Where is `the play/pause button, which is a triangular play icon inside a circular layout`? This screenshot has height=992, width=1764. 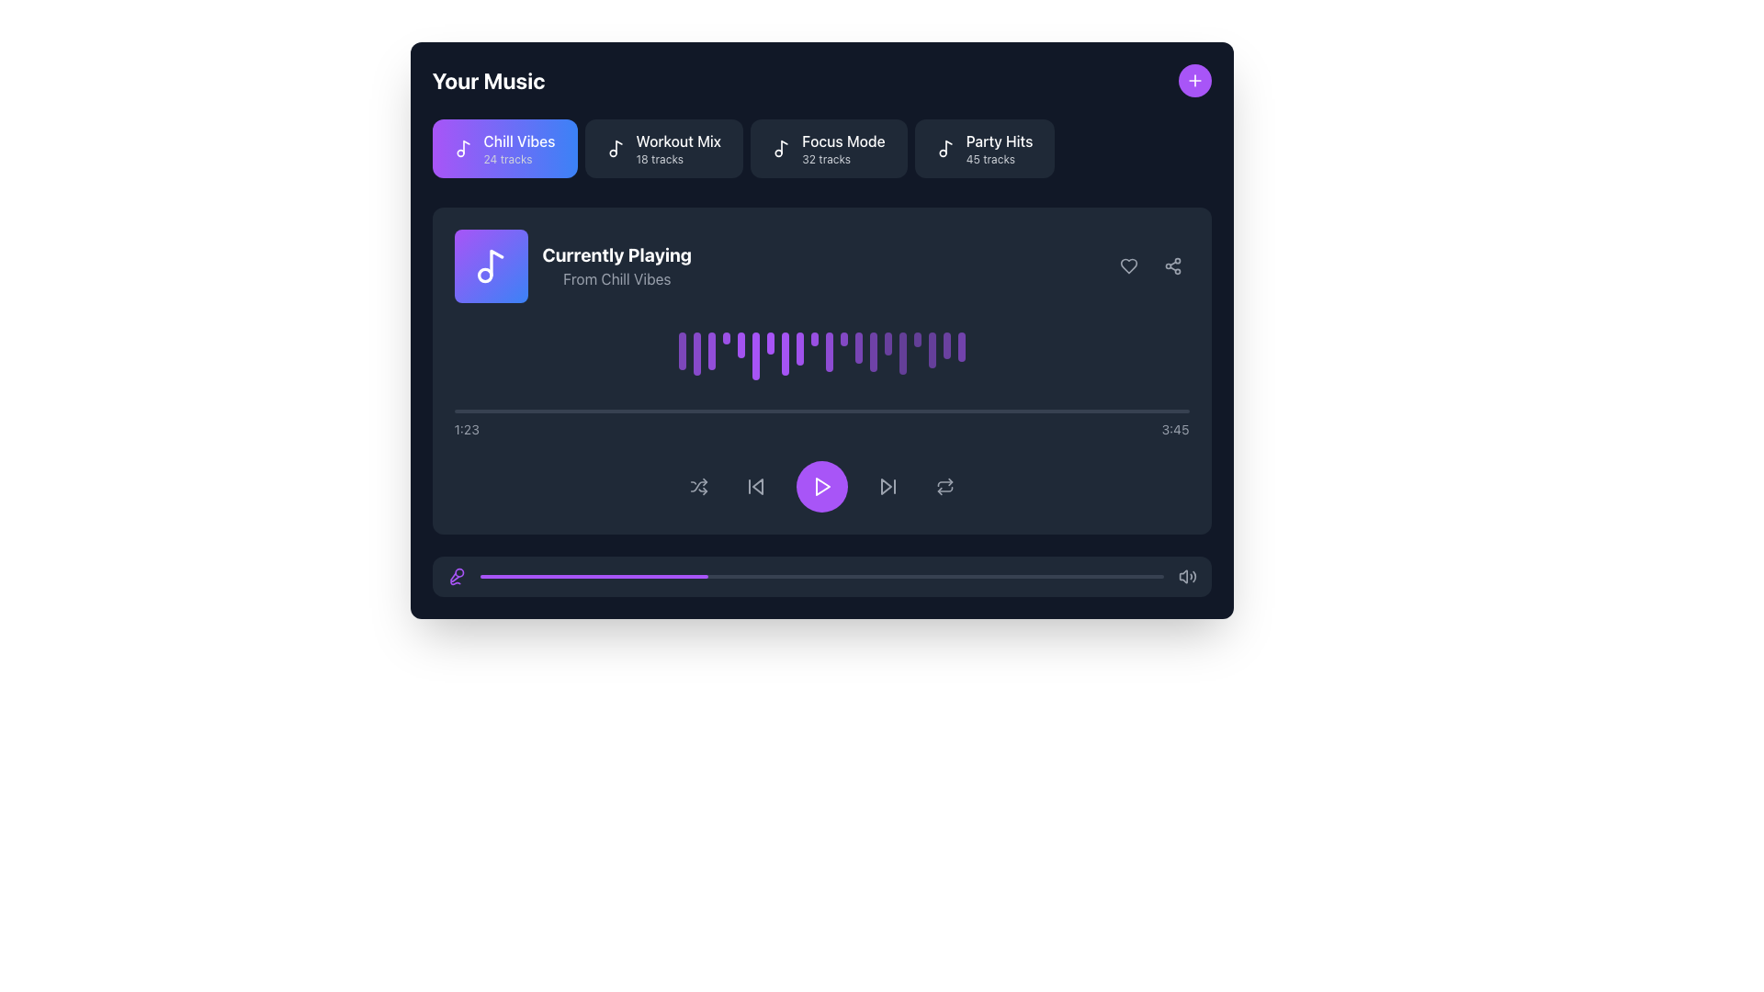 the play/pause button, which is a triangular play icon inside a circular layout is located at coordinates (821, 486).